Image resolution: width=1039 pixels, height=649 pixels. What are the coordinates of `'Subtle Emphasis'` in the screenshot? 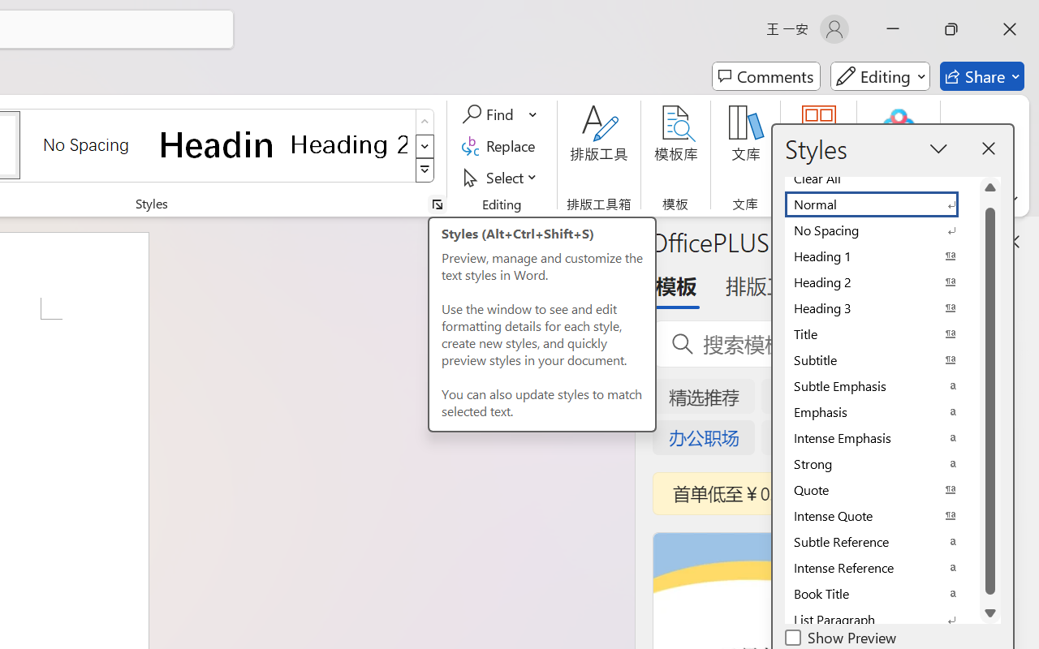 It's located at (881, 386).